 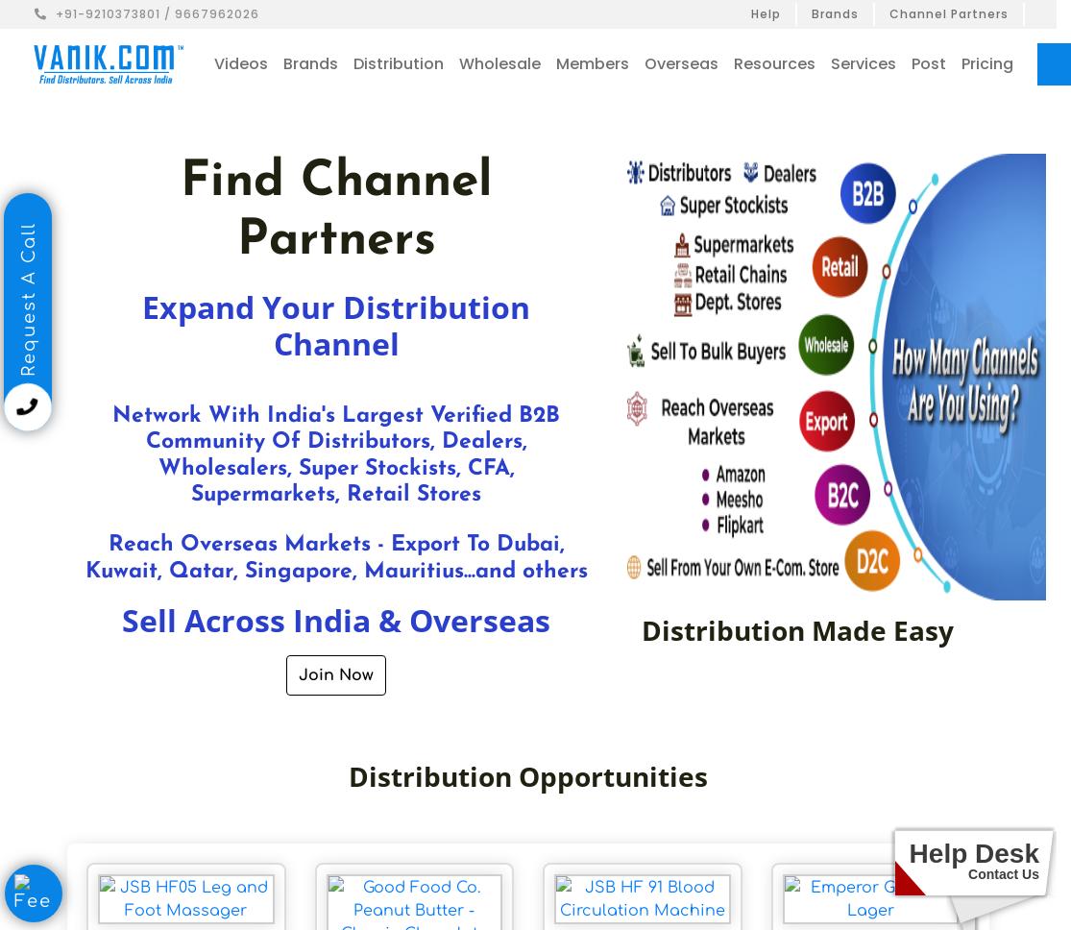 I want to click on 'Pricing', so click(x=986, y=62).